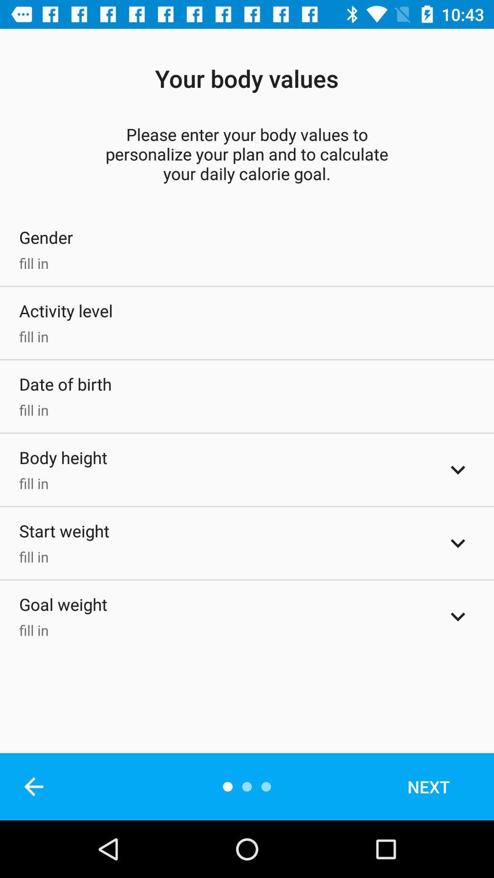  I want to click on next item, so click(440, 786).